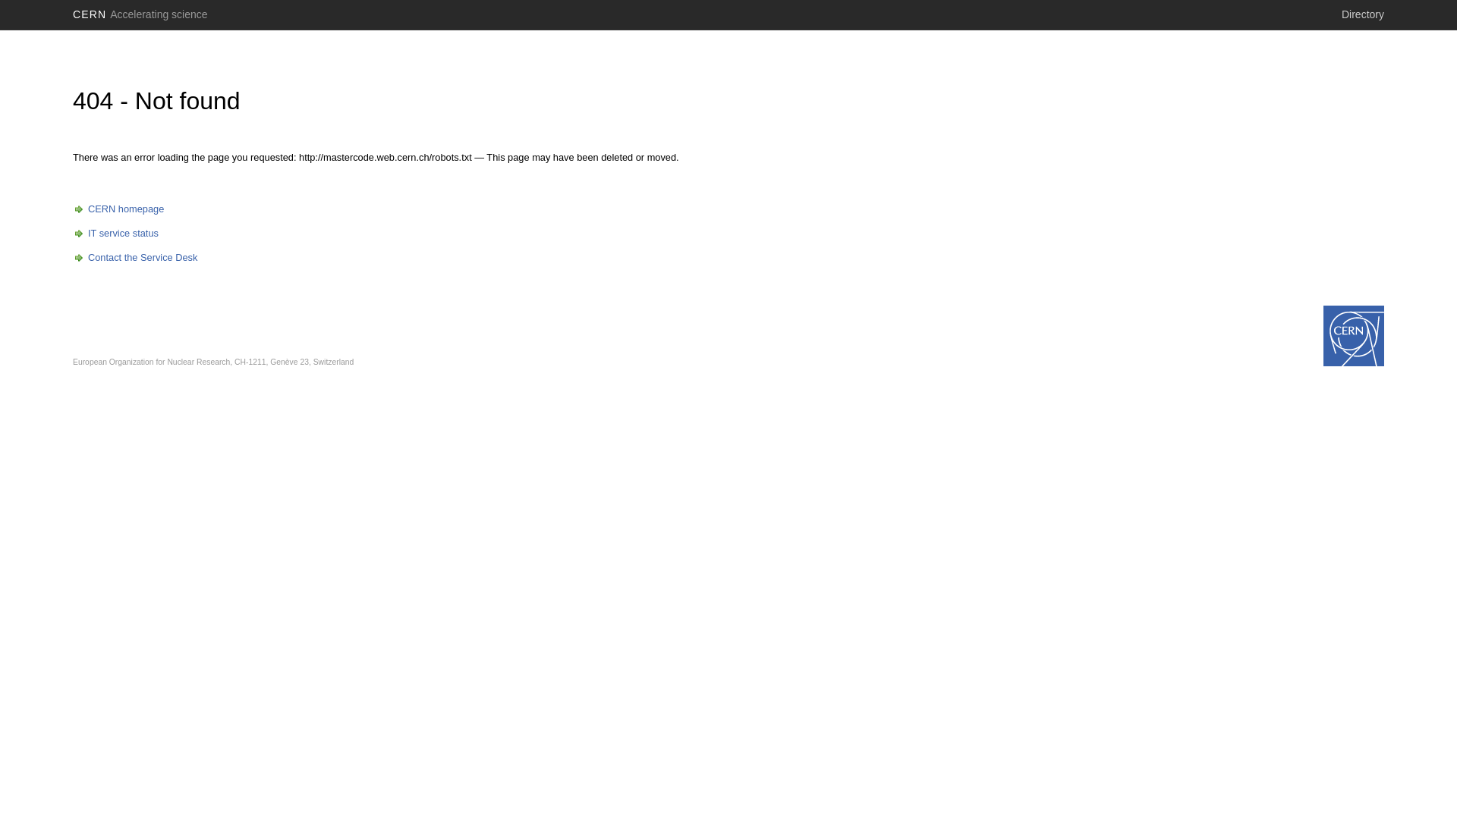  Describe the element at coordinates (1322, 335) in the screenshot. I see `'www.cern.ch'` at that location.